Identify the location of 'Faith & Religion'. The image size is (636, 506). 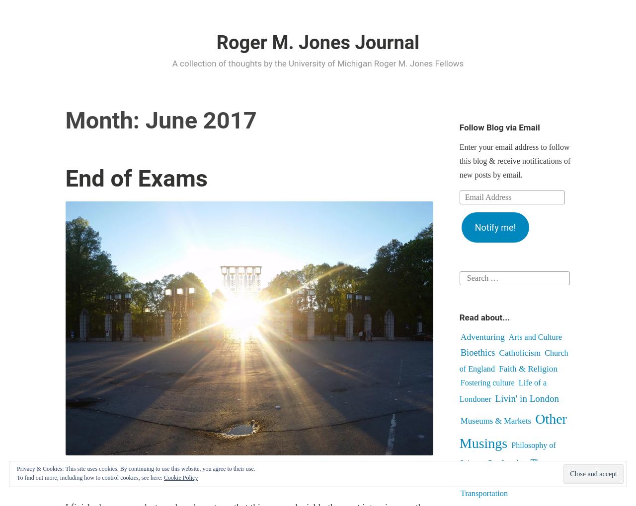
(498, 368).